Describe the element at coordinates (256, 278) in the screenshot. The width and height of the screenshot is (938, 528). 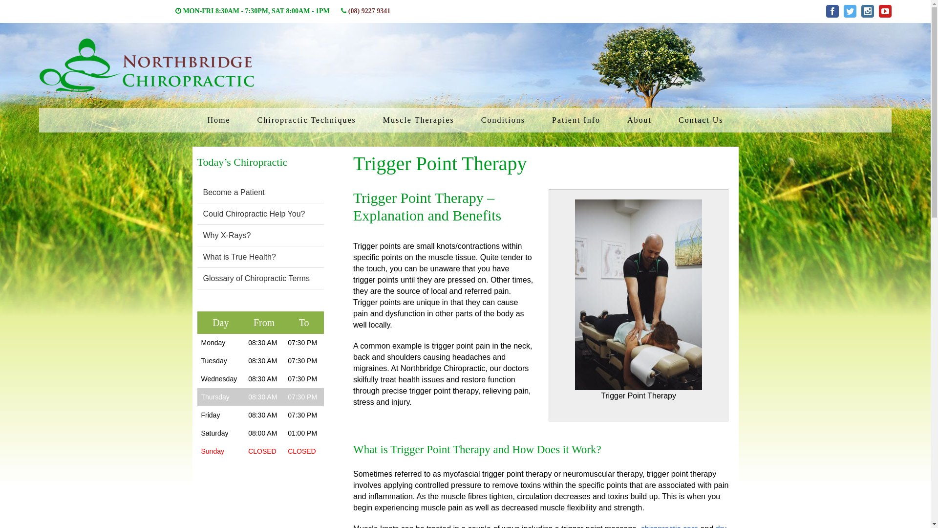
I see `'Glossary of Chiropractic Terms'` at that location.